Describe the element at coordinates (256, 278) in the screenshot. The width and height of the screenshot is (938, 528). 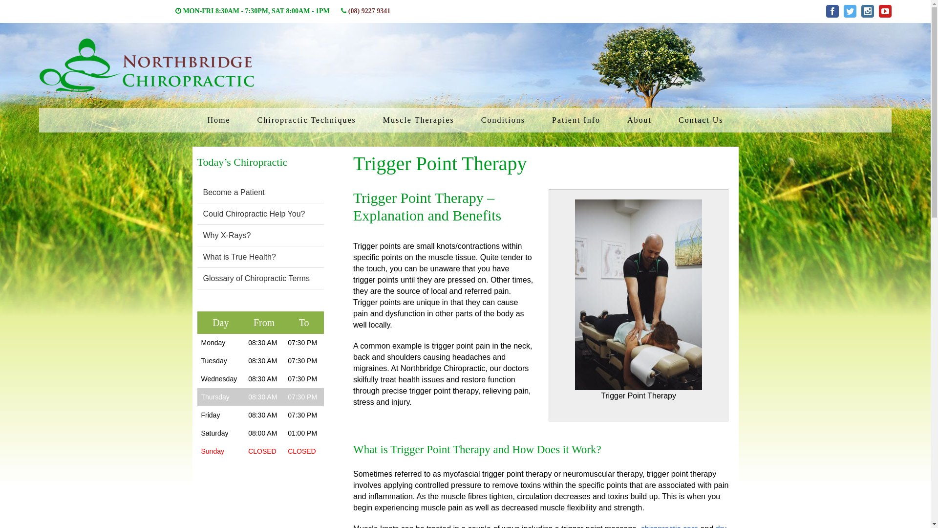
I see `'Glossary of Chiropractic Terms'` at that location.